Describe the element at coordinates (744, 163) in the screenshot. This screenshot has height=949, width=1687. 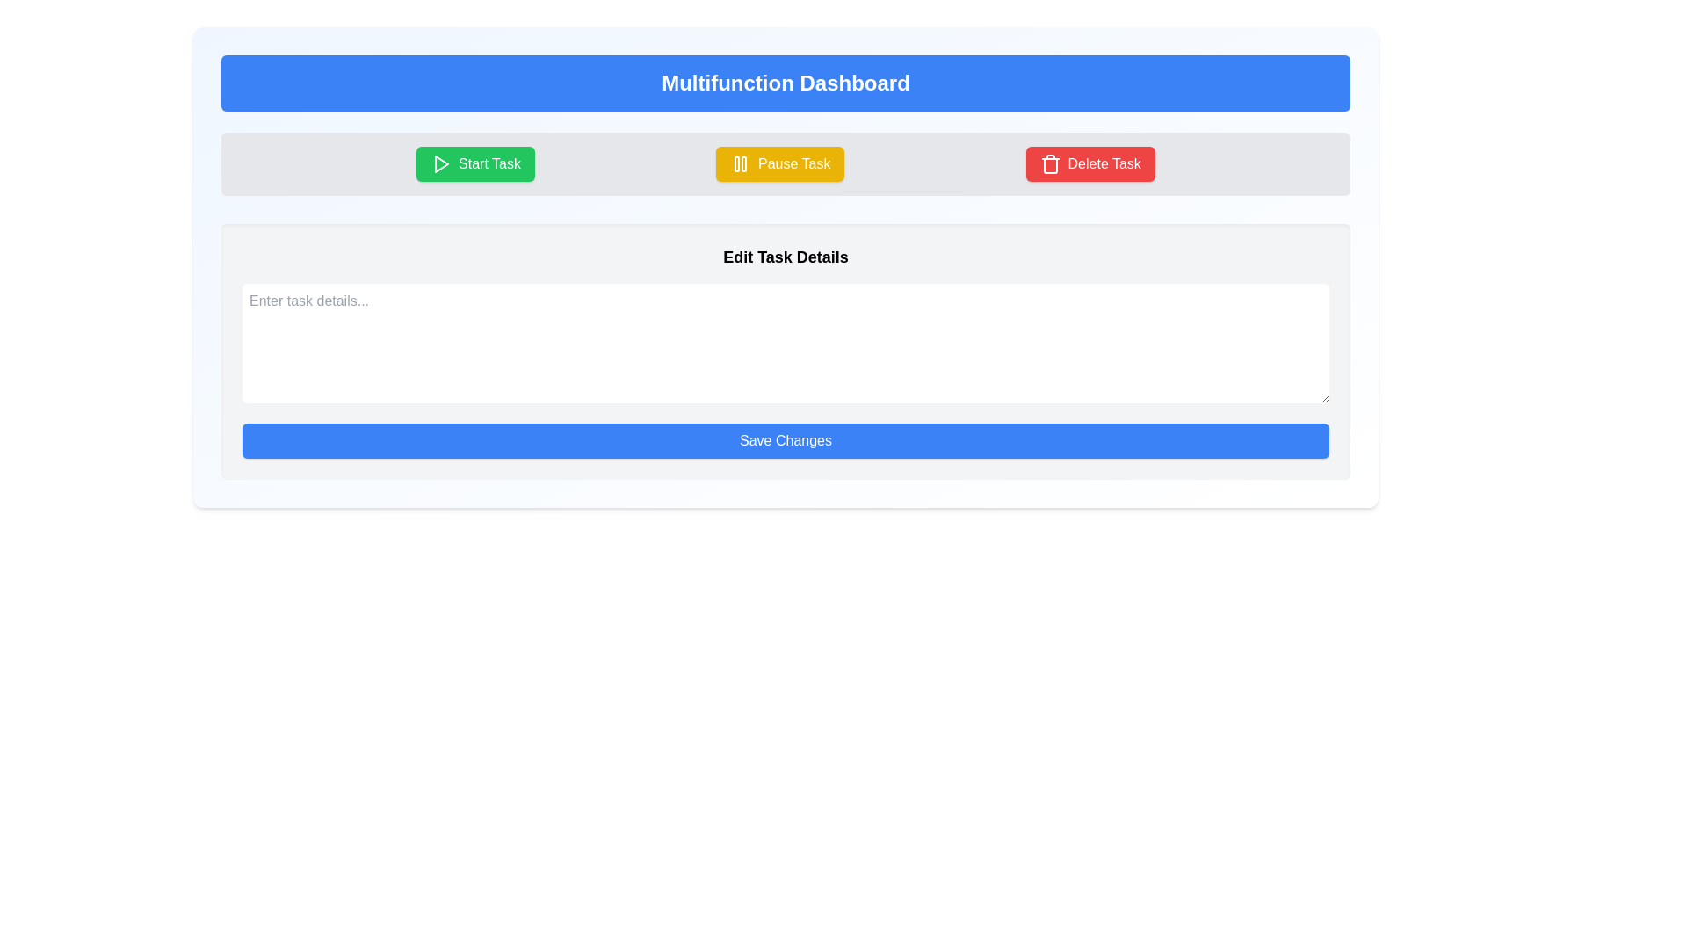
I see `the second vertical bar of the pause icon, which is located on the right side of the first bar and is part of the 'Pause Task' button under the dashboard title` at that location.